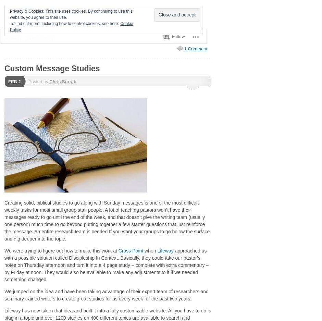  I want to click on 'approached us with a possible solution called Discipleship In Context. Basically, they could take our pastor’s notes on Thursday afternoon and turn it into a 4 page study – complete with extra commentary – by Friday at noon. They would also be available to make any adjustments to it if we needed something changed.', so click(106, 265).